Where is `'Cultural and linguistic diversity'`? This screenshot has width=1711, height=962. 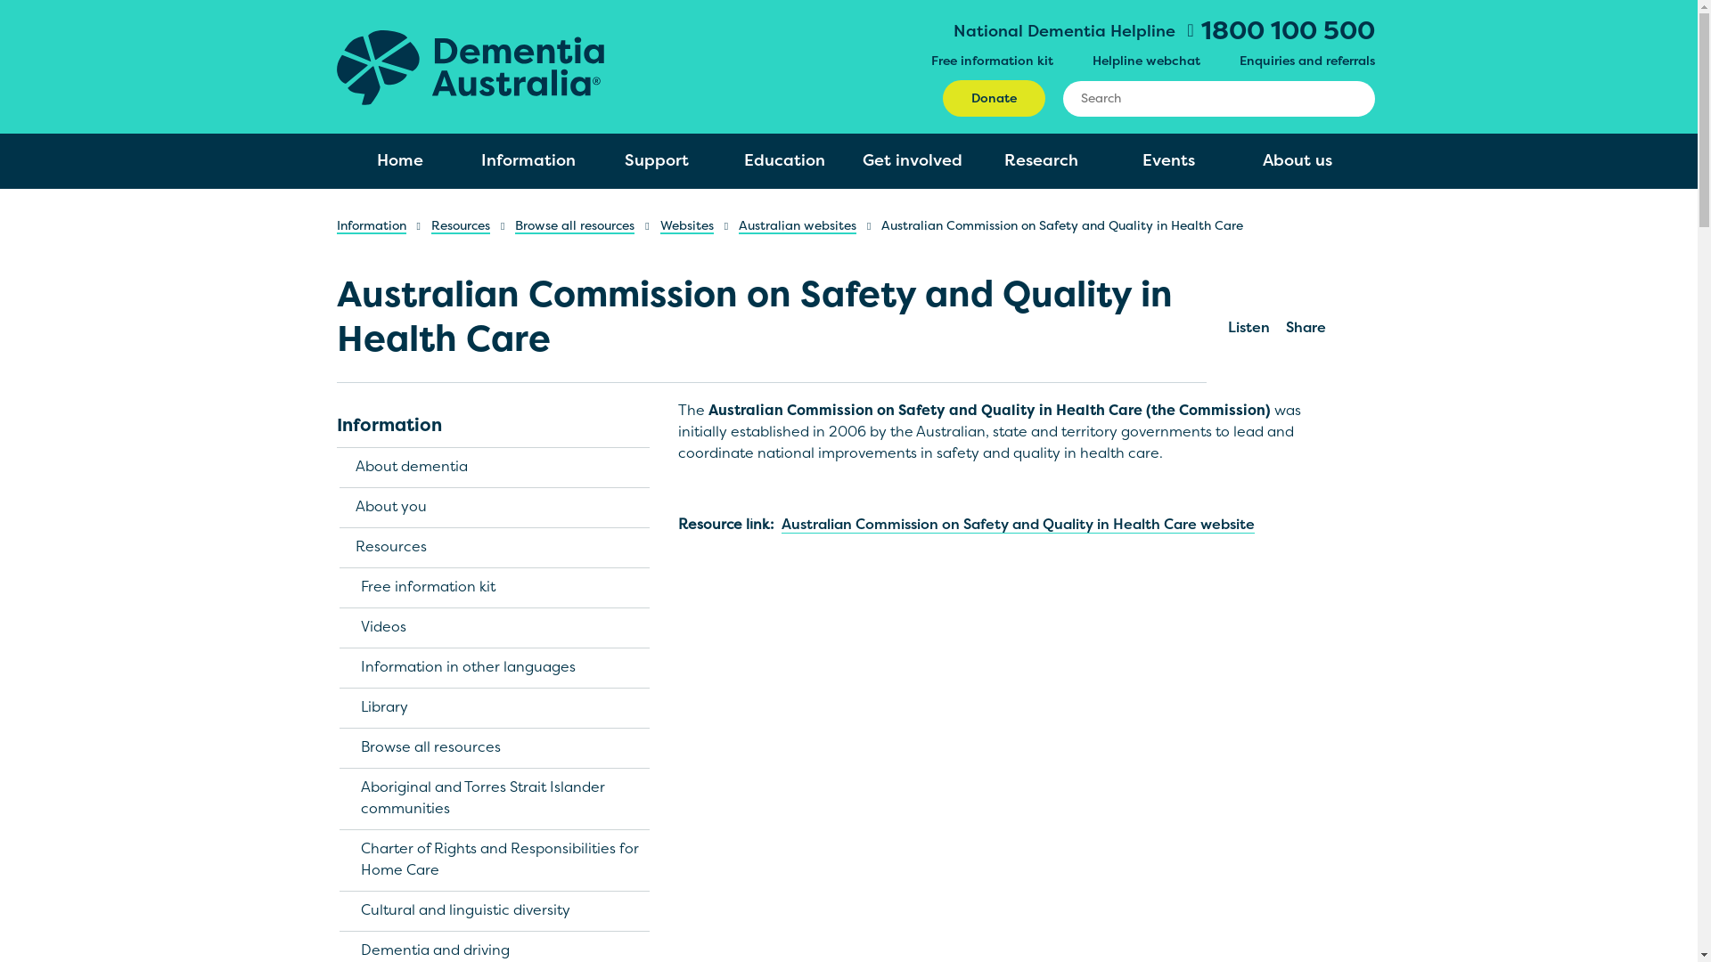 'Cultural and linguistic diversity' is located at coordinates (495, 911).